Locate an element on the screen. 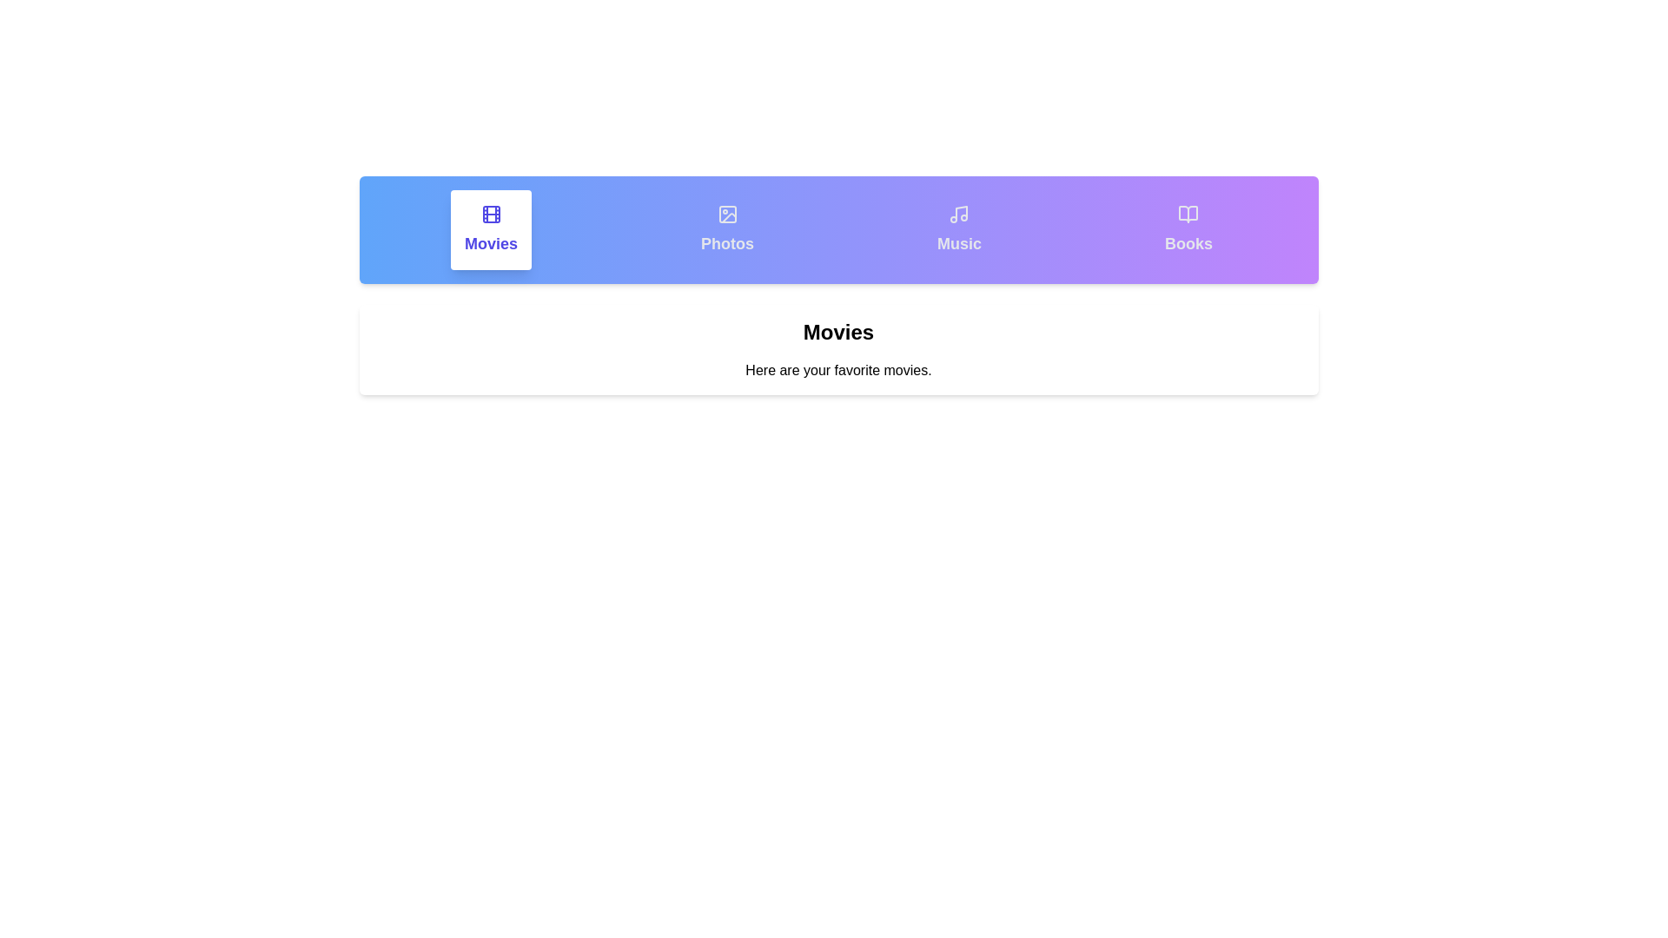  the tab labeled Books to display its content is located at coordinates (1188, 229).